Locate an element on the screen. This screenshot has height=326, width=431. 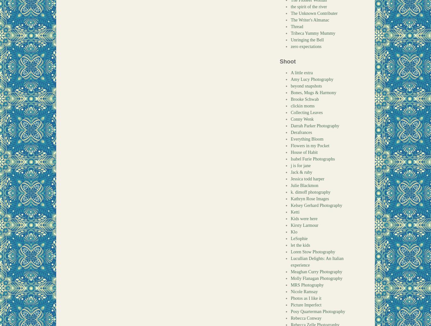
'Everything Bloom' is located at coordinates (290, 139).